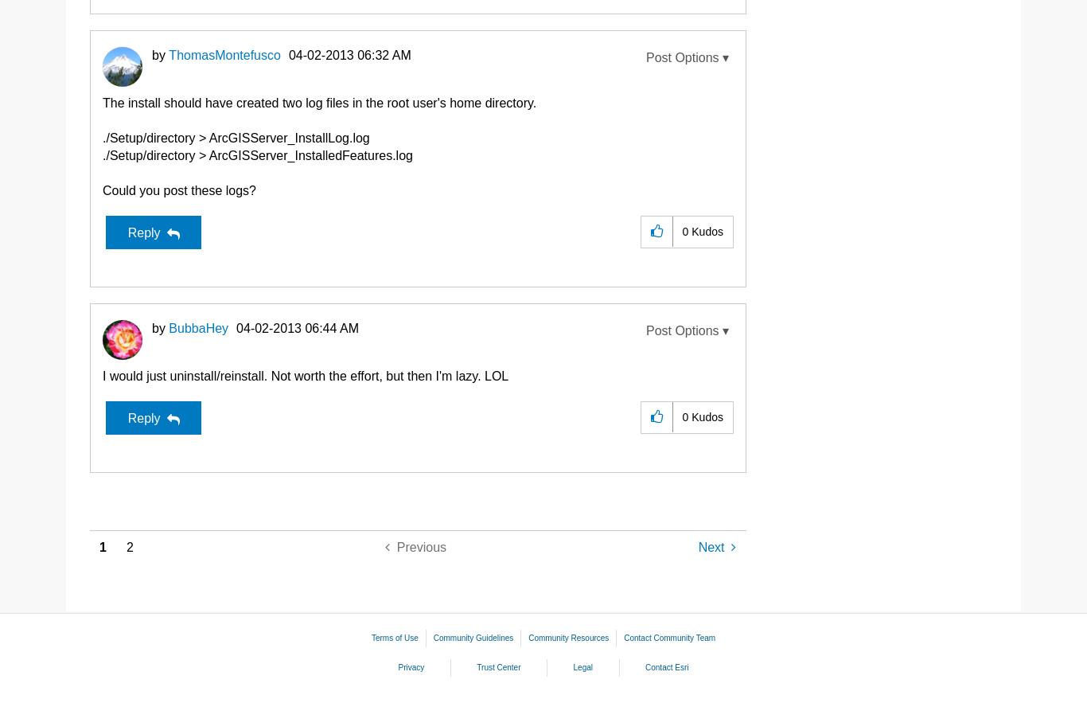 This screenshot has height=703, width=1087. I want to click on 'Next', so click(710, 546).